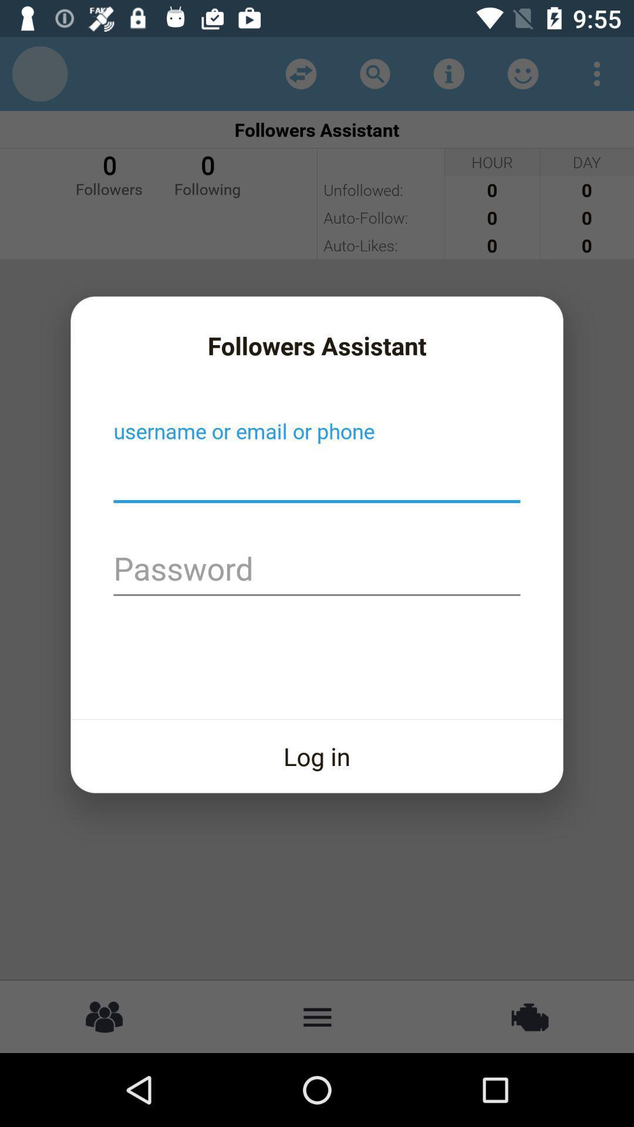 This screenshot has width=634, height=1127. I want to click on open the new file, so click(317, 476).